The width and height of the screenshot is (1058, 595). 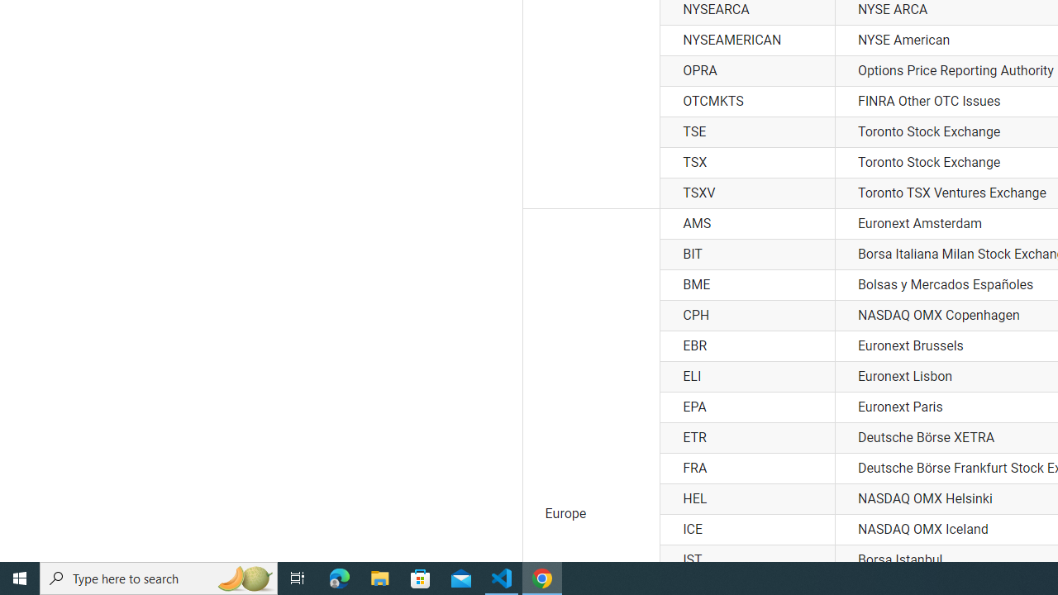 I want to click on 'TSXV', so click(x=746, y=193).